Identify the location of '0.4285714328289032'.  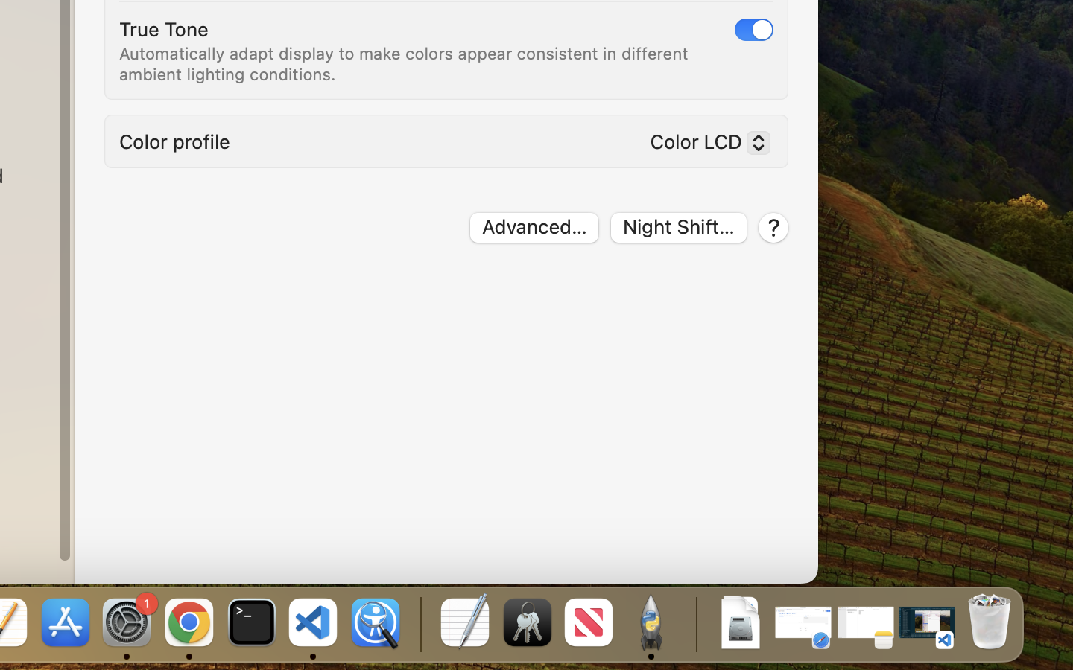
(419, 623).